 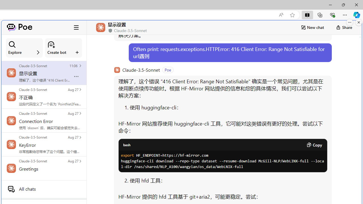 What do you see at coordinates (12, 44) in the screenshot?
I see `'Class: ManageBotsCardSection_searchIcon__laGLi'` at bounding box center [12, 44].